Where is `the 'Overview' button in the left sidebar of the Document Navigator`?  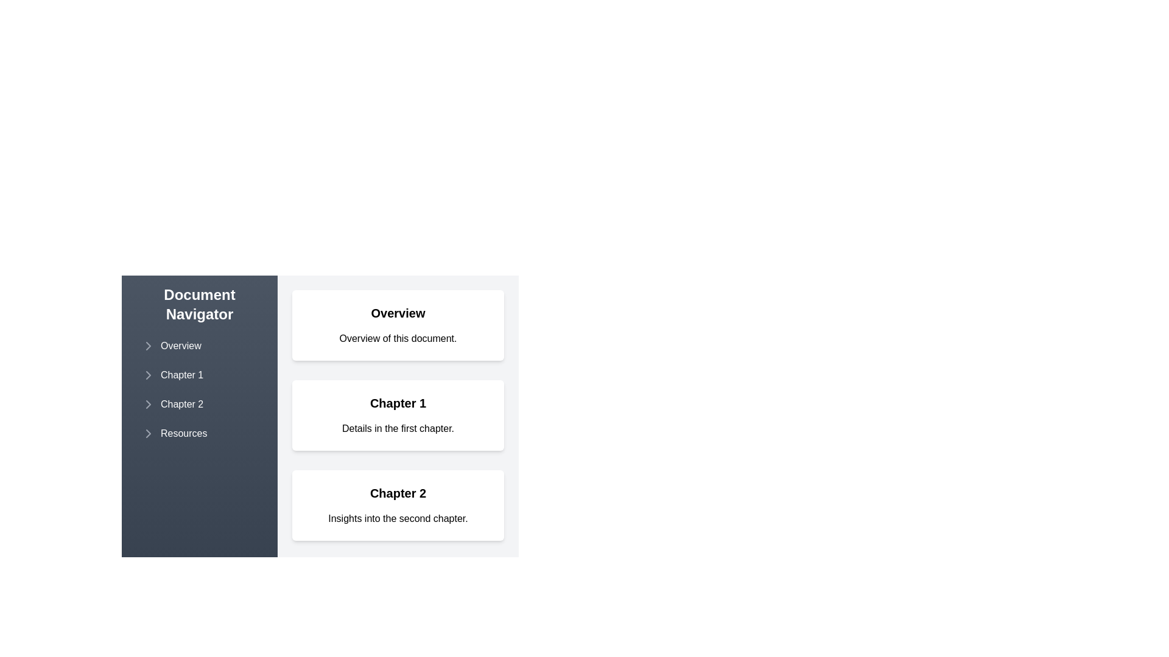 the 'Overview' button in the left sidebar of the Document Navigator is located at coordinates (199, 346).